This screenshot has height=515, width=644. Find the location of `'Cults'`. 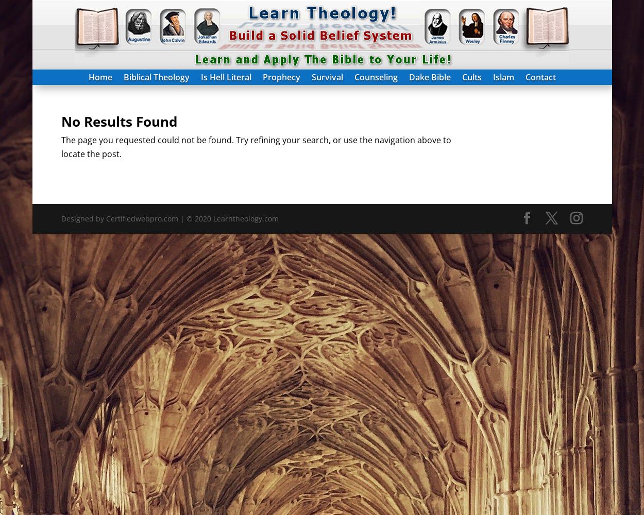

'Cults' is located at coordinates (471, 77).